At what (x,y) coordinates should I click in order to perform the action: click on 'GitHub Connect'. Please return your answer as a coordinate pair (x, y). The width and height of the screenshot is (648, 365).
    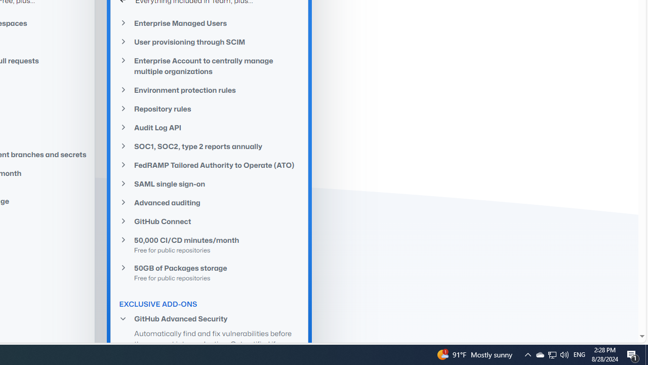
    Looking at the image, I should click on (209, 221).